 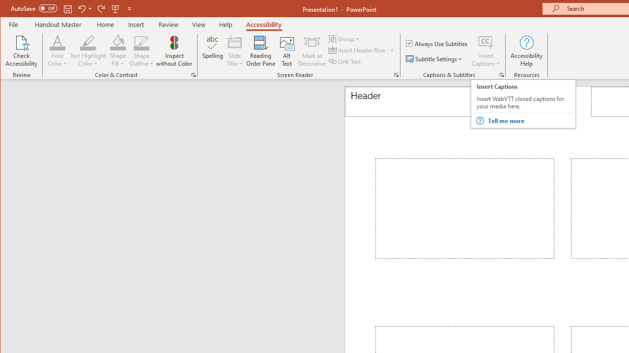 What do you see at coordinates (58, 24) in the screenshot?
I see `'Handout Master'` at bounding box center [58, 24].